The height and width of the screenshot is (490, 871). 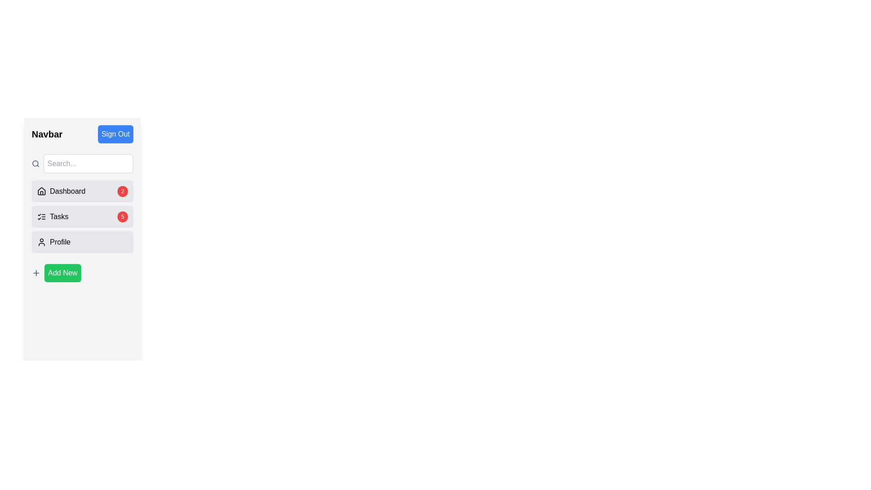 What do you see at coordinates (115, 134) in the screenshot?
I see `the 'Sign Out' button located in the 'Navbar' section of the sidebar` at bounding box center [115, 134].